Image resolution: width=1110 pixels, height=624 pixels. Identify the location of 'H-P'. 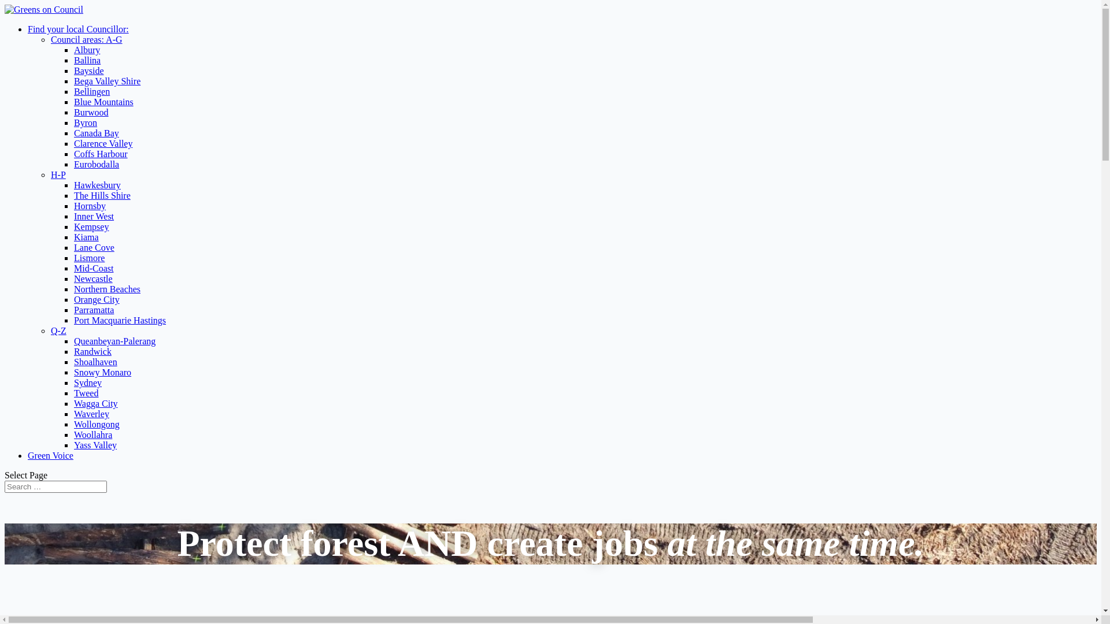
(57, 174).